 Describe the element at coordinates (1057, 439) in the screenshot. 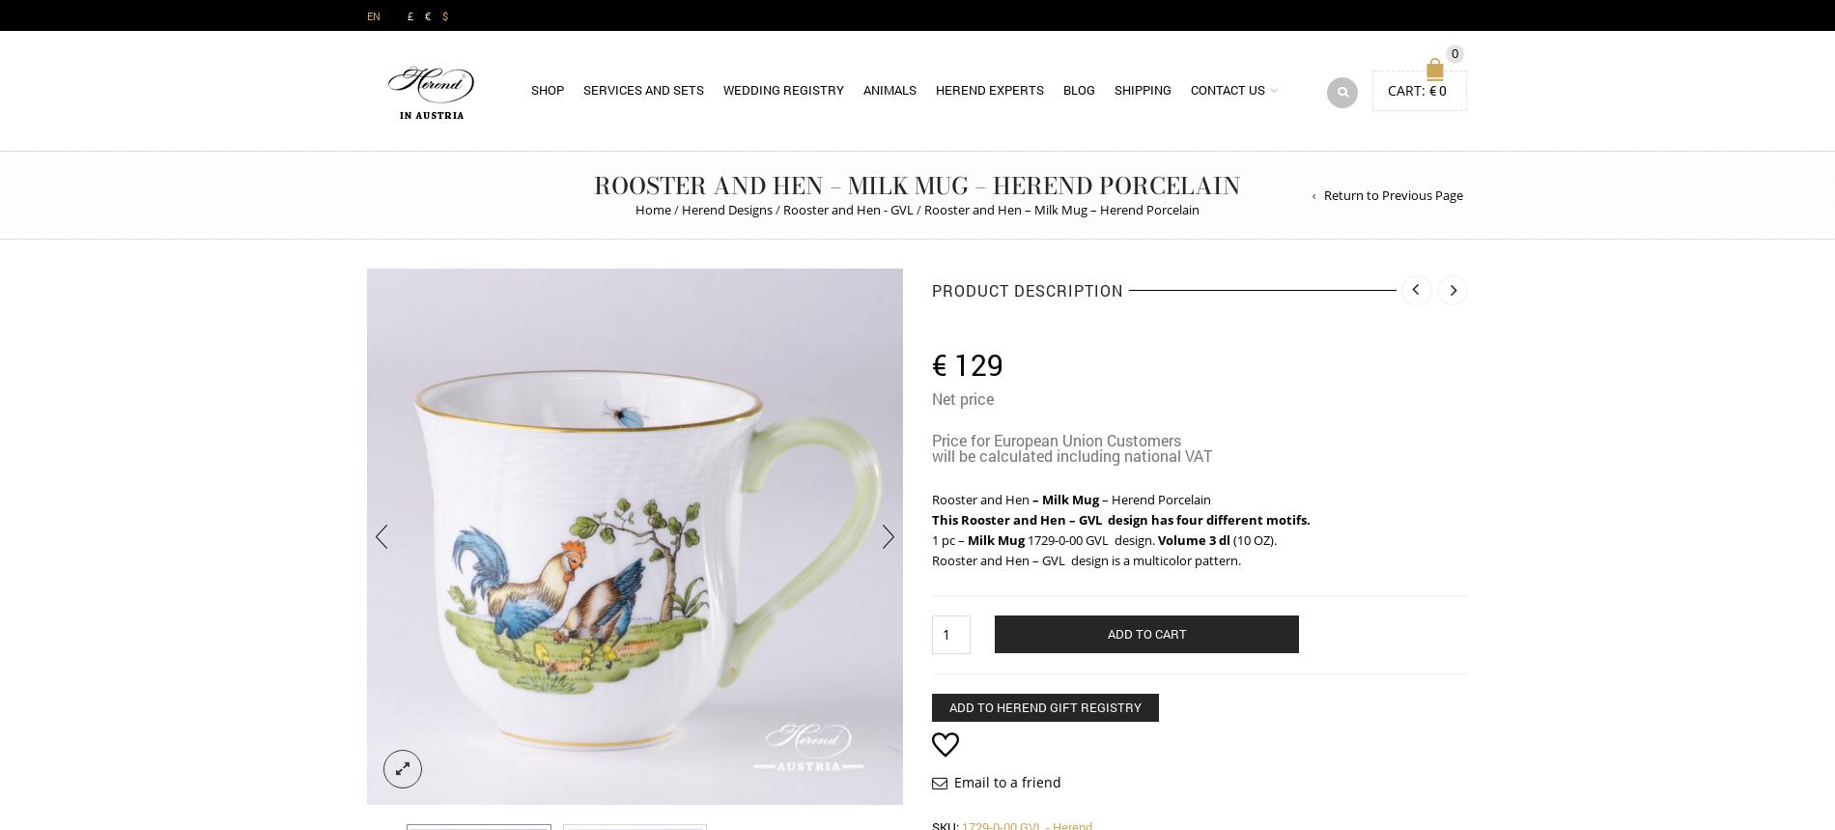

I see `'Price for European Union Customers'` at that location.